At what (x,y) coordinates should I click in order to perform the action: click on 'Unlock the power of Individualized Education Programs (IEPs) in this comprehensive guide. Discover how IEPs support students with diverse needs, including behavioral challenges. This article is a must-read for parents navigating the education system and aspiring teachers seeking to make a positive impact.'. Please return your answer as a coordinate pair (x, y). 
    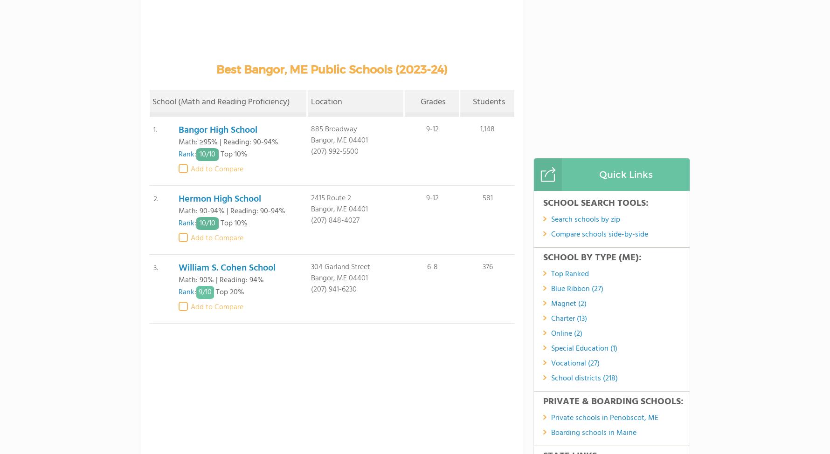
    Looking at the image, I should click on (462, 243).